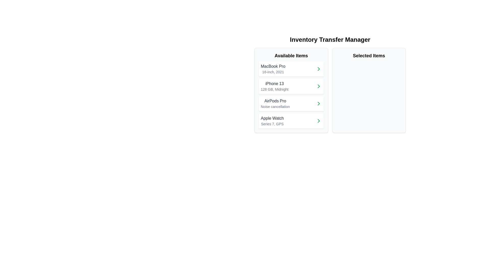  Describe the element at coordinates (291, 86) in the screenshot. I see `to select the second item in the vertically arranged list of the 'Available Items' section in the 'Inventory Transfer Manager' interface, which represents an iPhone 13 listing` at that location.